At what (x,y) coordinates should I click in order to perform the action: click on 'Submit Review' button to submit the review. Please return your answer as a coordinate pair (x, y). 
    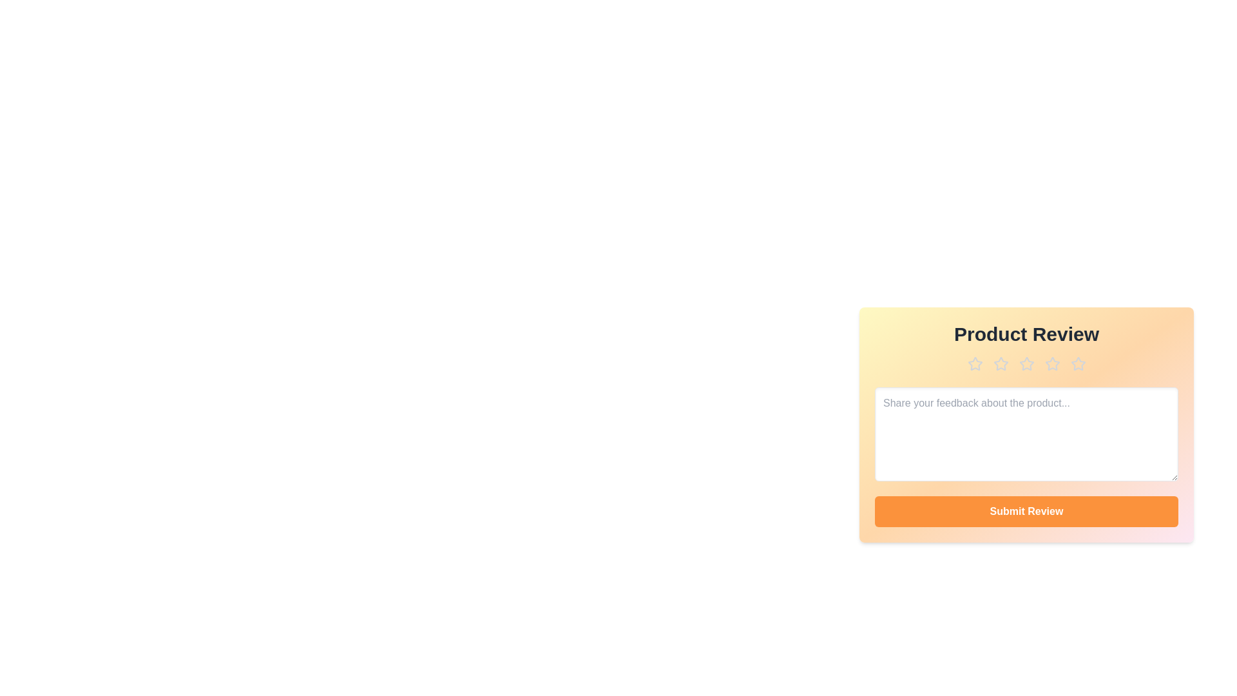
    Looking at the image, I should click on (1026, 511).